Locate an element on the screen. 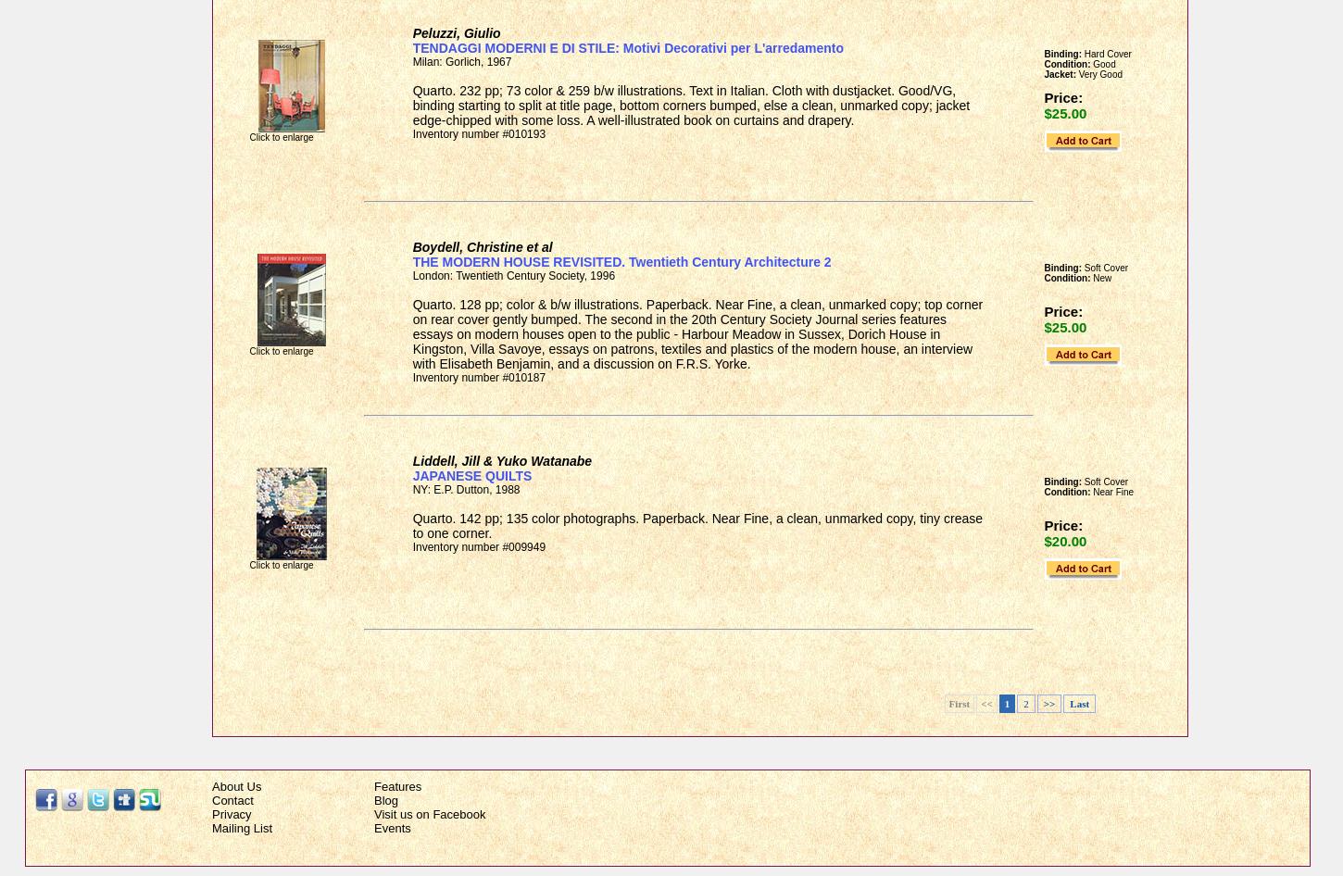 The height and width of the screenshot is (876, 1343). 'Inventory number #010193' is located at coordinates (479, 133).